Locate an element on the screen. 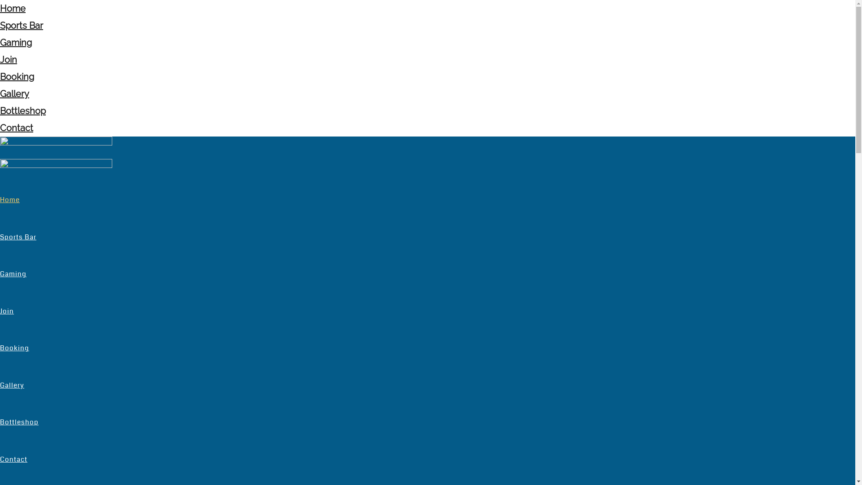 Image resolution: width=862 pixels, height=485 pixels. 'Booking' is located at coordinates (17, 76).